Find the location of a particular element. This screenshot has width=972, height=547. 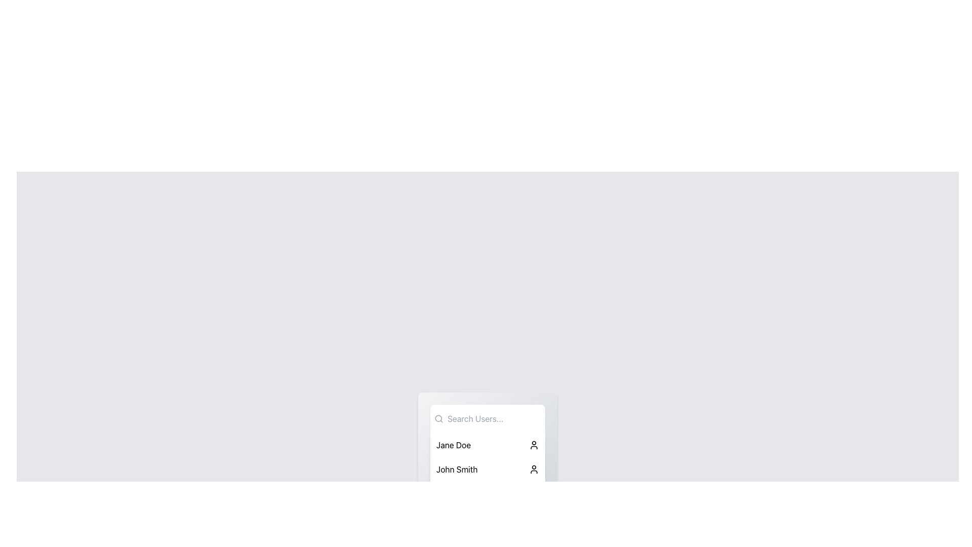

the text label 'John Smith' located within the dropdown list beneath 'Jane Doe' and to the left of the user icon is located at coordinates (456, 469).